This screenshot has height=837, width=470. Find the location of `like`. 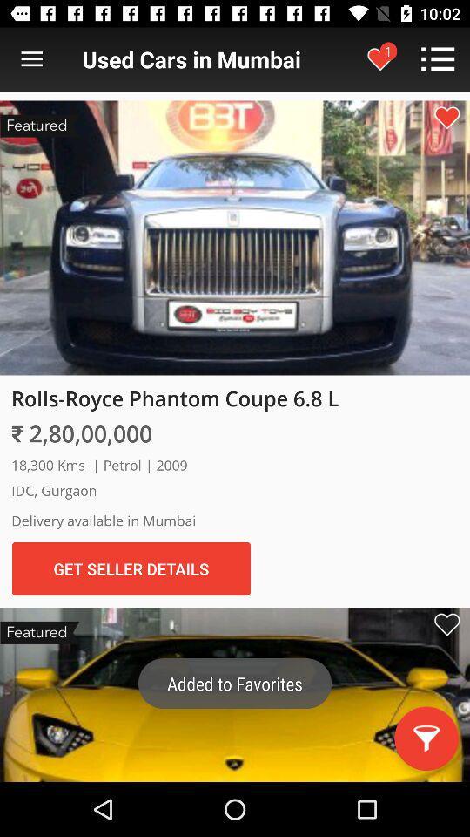

like is located at coordinates (446, 117).